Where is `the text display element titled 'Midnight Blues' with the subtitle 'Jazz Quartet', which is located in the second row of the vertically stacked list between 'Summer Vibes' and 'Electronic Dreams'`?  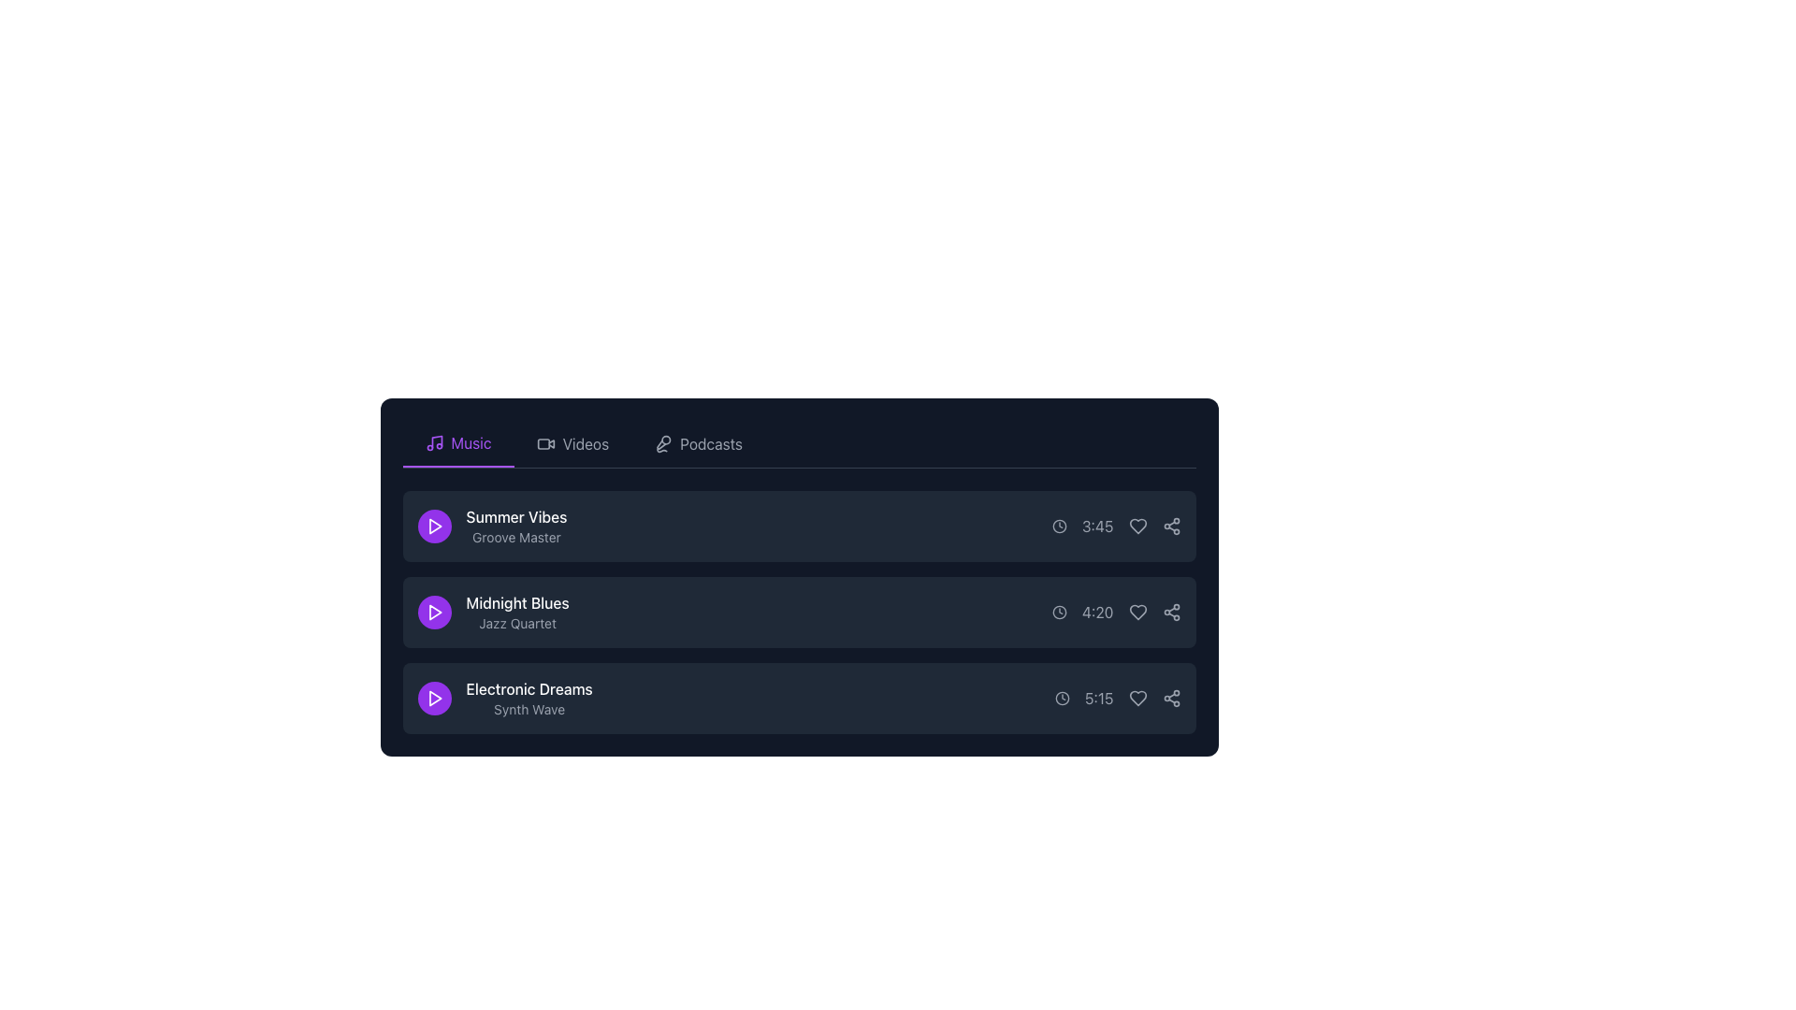 the text display element titled 'Midnight Blues' with the subtitle 'Jazz Quartet', which is located in the second row of the vertically stacked list between 'Summer Vibes' and 'Electronic Dreams' is located at coordinates (493, 613).